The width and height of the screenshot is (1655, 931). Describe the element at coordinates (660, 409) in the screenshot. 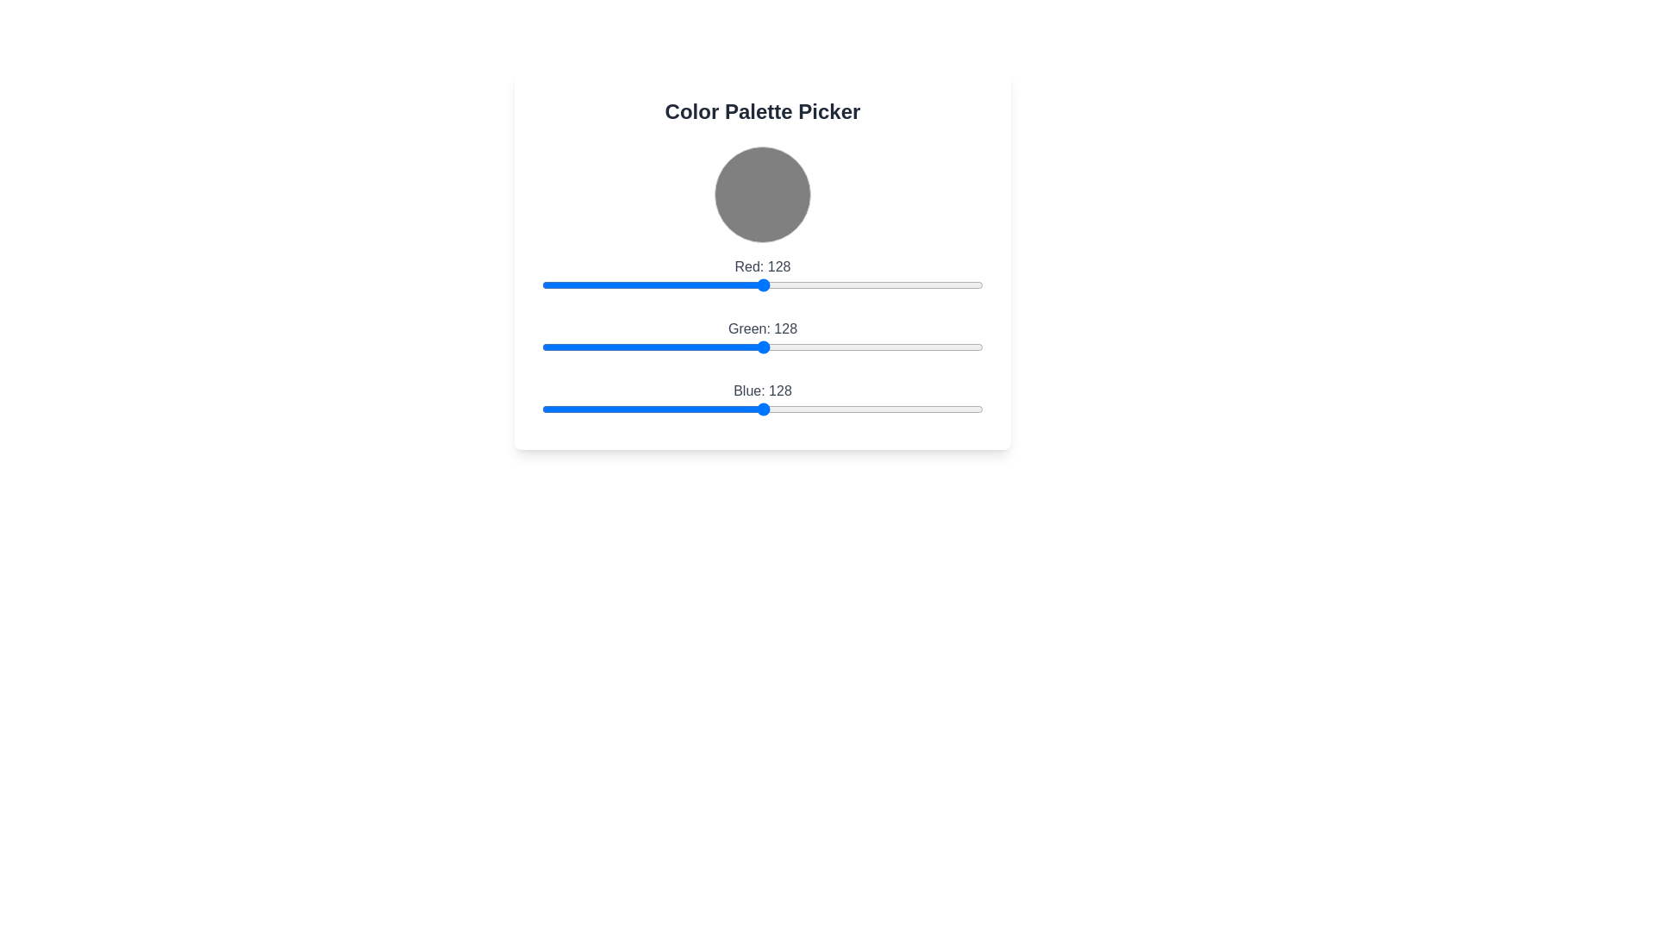

I see `the blue value` at that location.